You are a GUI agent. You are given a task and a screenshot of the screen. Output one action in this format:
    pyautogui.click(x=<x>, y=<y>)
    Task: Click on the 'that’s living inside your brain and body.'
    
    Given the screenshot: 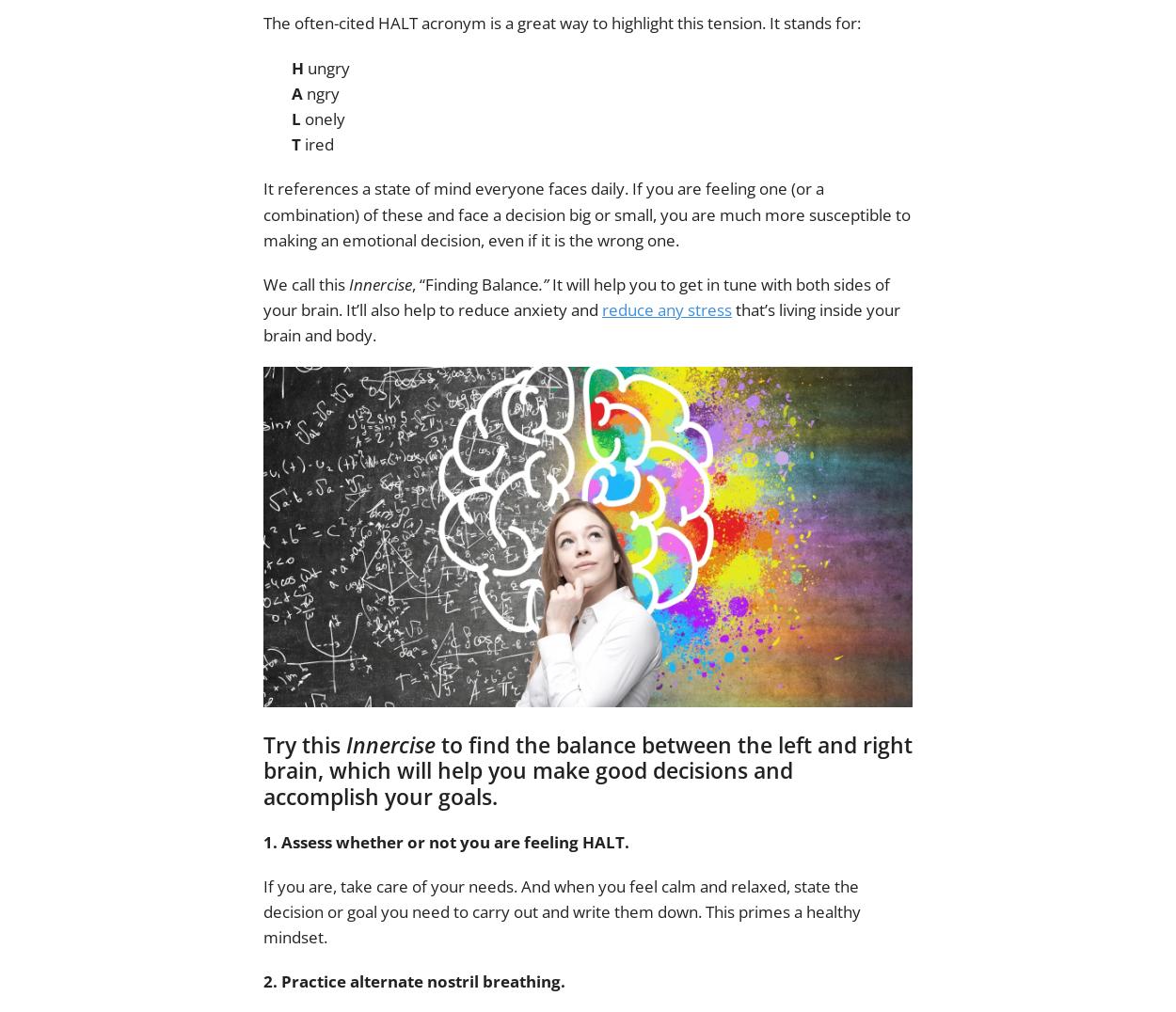 What is the action you would take?
    pyautogui.click(x=580, y=323)
    